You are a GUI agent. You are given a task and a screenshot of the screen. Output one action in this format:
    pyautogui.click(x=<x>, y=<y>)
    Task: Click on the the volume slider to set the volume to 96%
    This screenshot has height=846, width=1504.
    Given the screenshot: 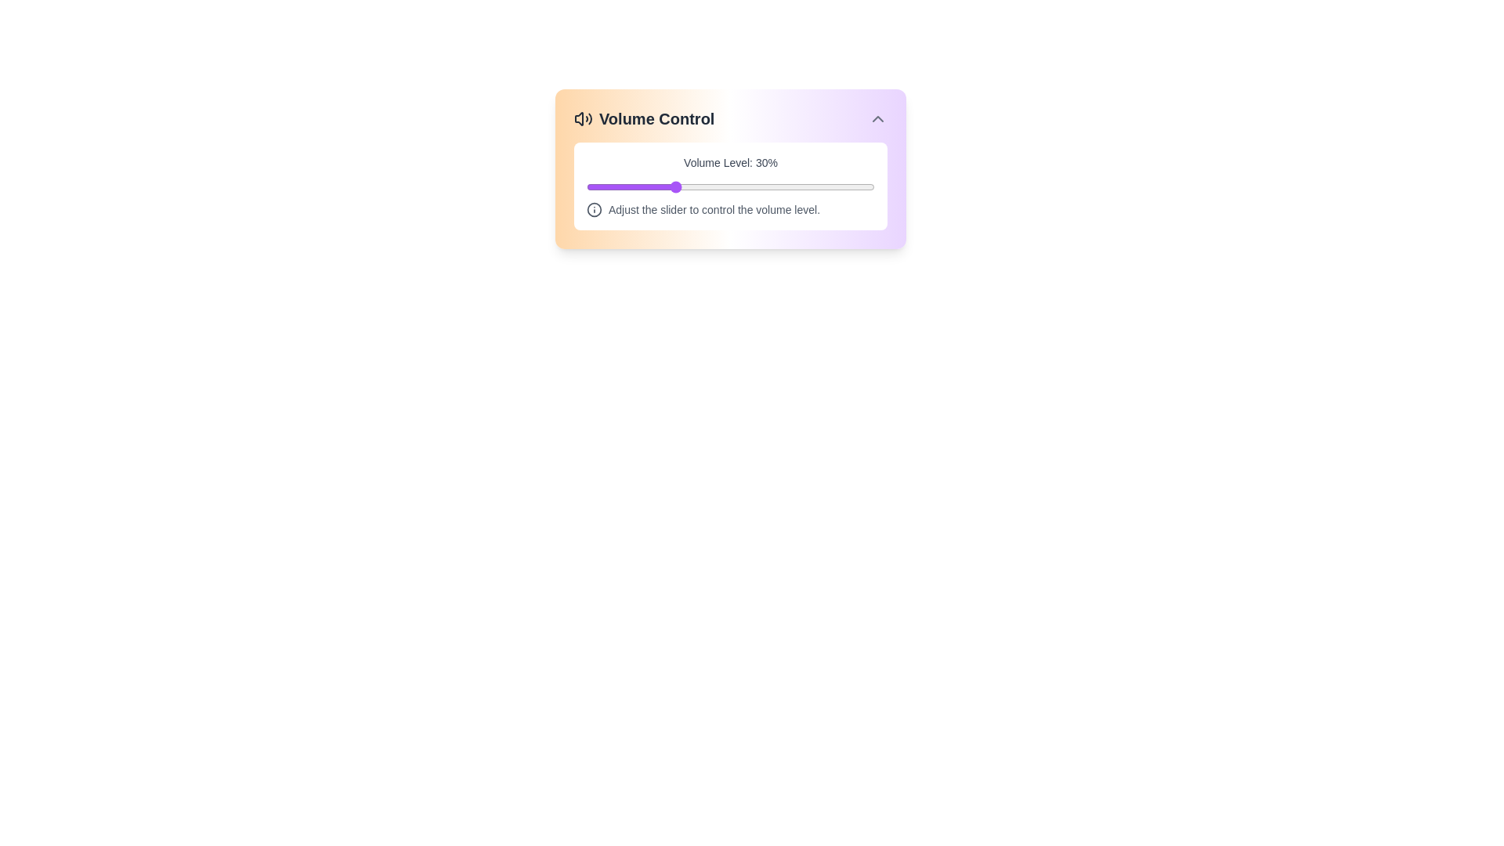 What is the action you would take?
    pyautogui.click(x=862, y=186)
    